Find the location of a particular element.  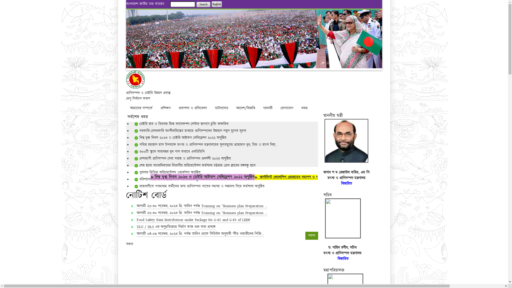

'Search' is located at coordinates (203, 4).